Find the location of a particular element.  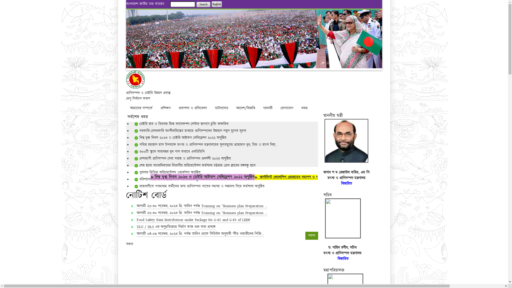

'Search' is located at coordinates (203, 4).